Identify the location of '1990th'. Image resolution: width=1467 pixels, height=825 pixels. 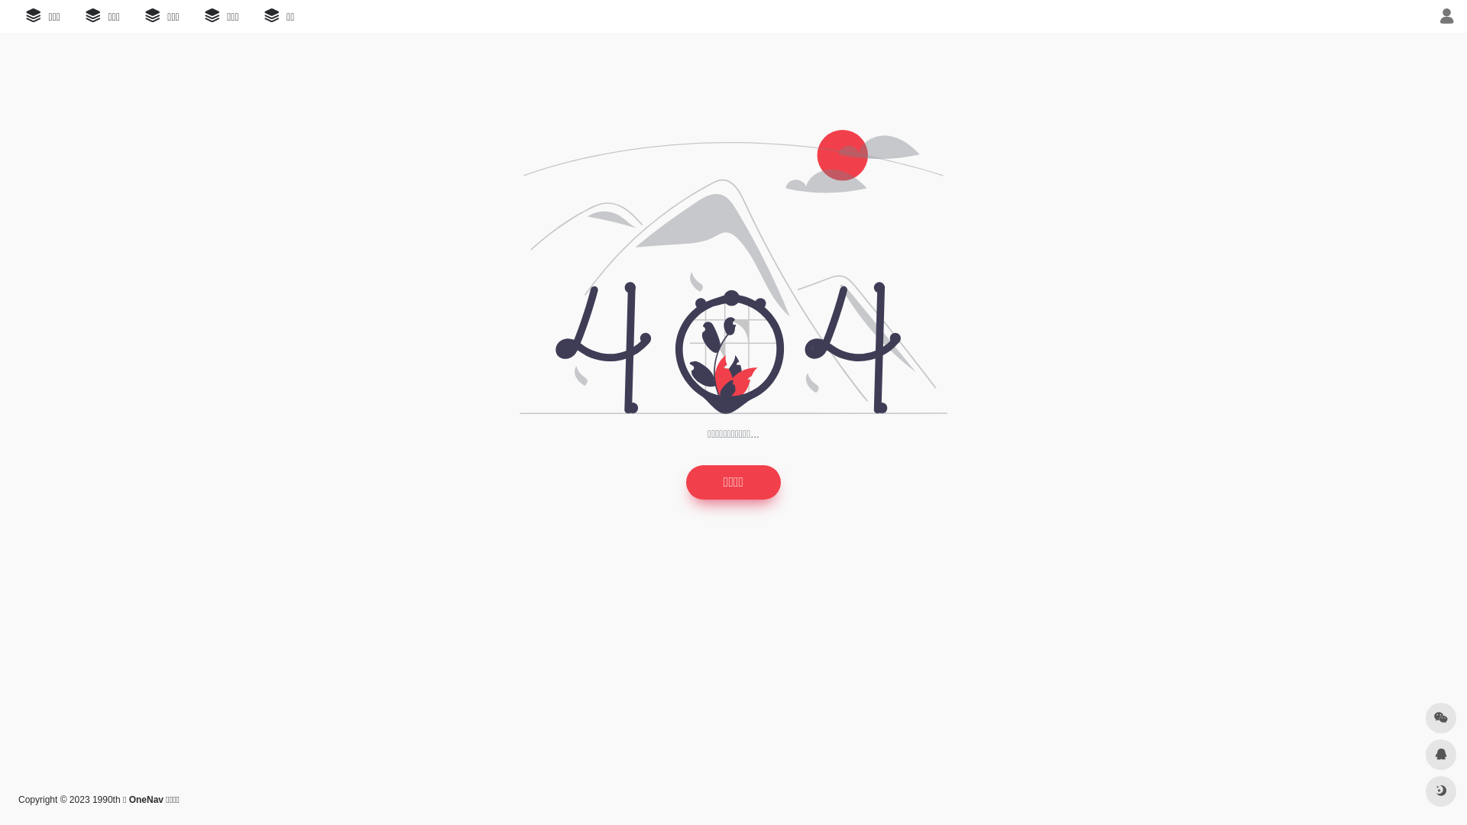
(105, 798).